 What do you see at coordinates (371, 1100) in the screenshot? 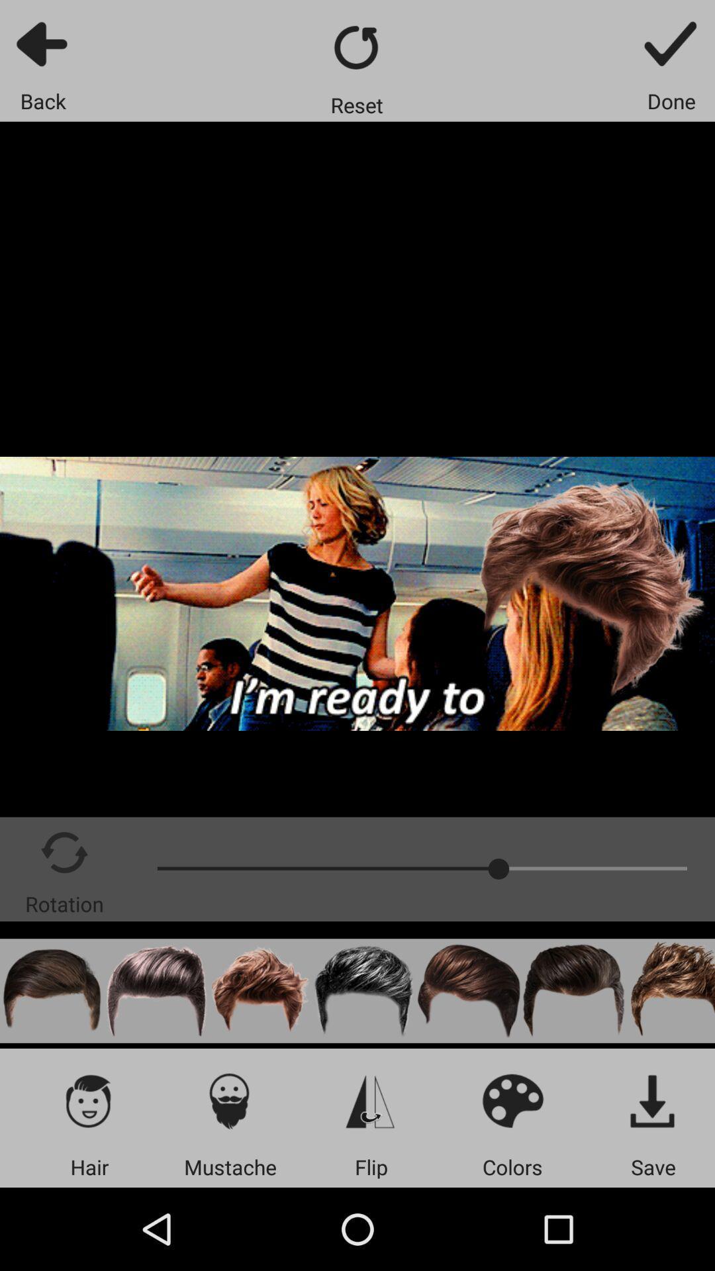
I see `item above the flip` at bounding box center [371, 1100].